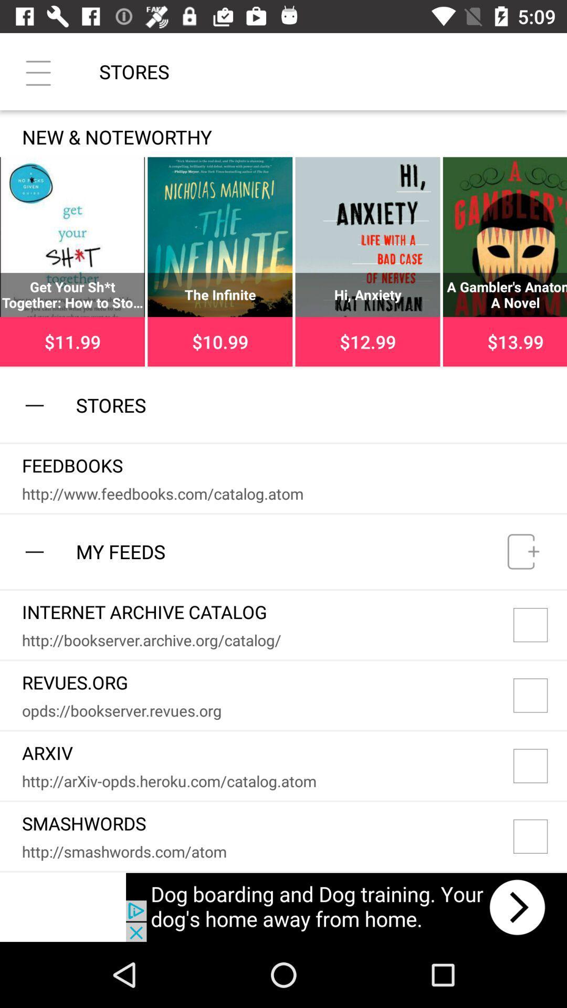 The image size is (567, 1008). Describe the element at coordinates (540, 766) in the screenshot. I see `arxiv` at that location.